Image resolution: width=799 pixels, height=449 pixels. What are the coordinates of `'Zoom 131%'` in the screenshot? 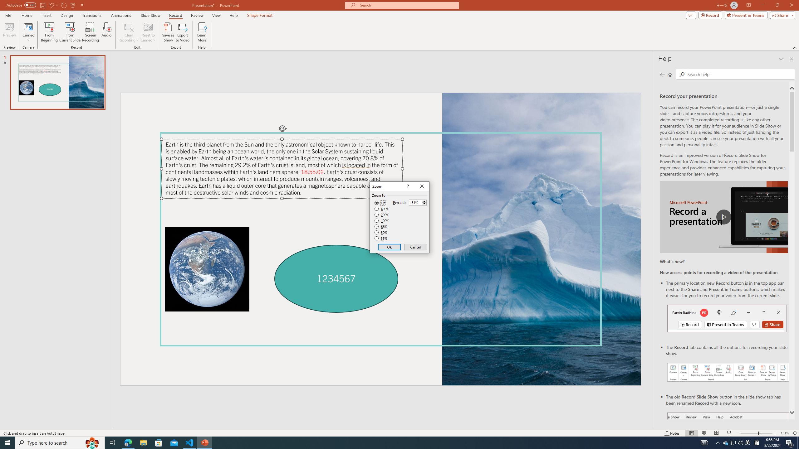 It's located at (785, 433).